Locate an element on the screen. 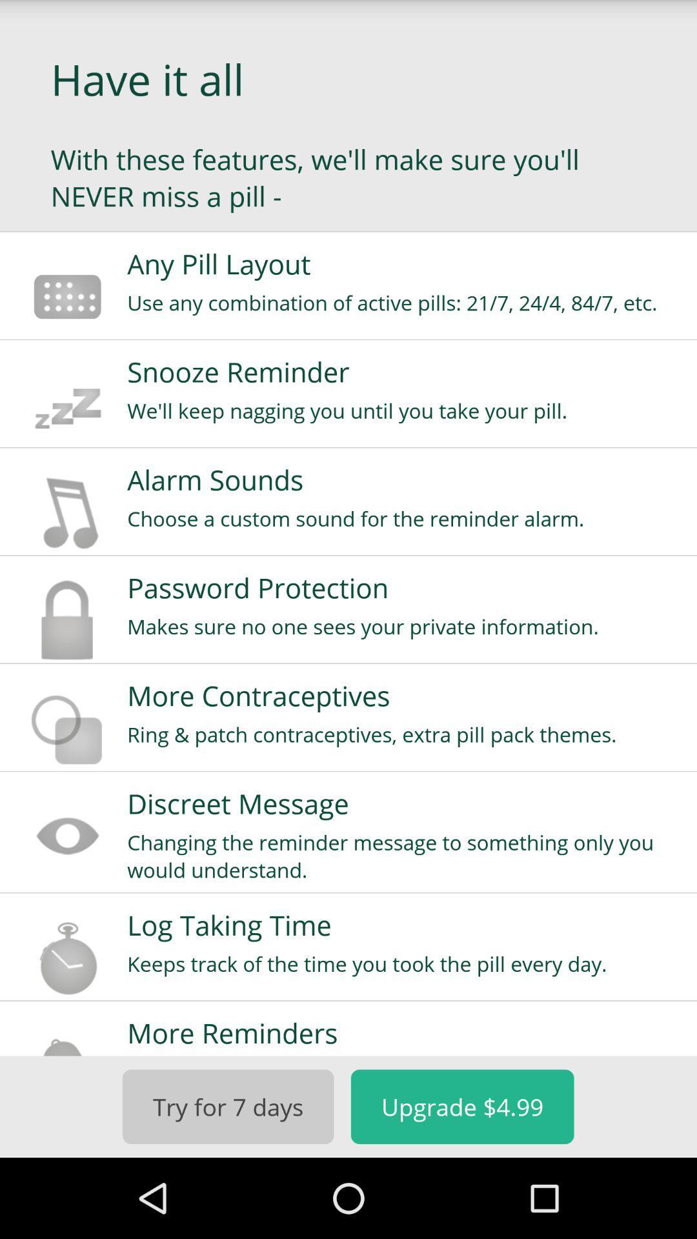 This screenshot has width=697, height=1239. the more reminders icon is located at coordinates (403, 1032).